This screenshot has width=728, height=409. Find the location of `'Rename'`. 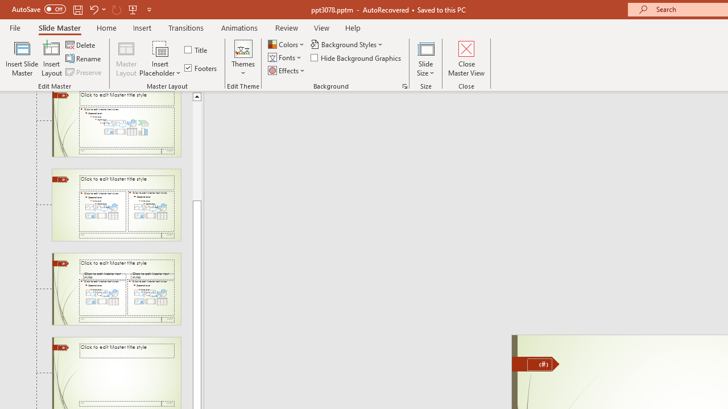

'Rename' is located at coordinates (84, 59).